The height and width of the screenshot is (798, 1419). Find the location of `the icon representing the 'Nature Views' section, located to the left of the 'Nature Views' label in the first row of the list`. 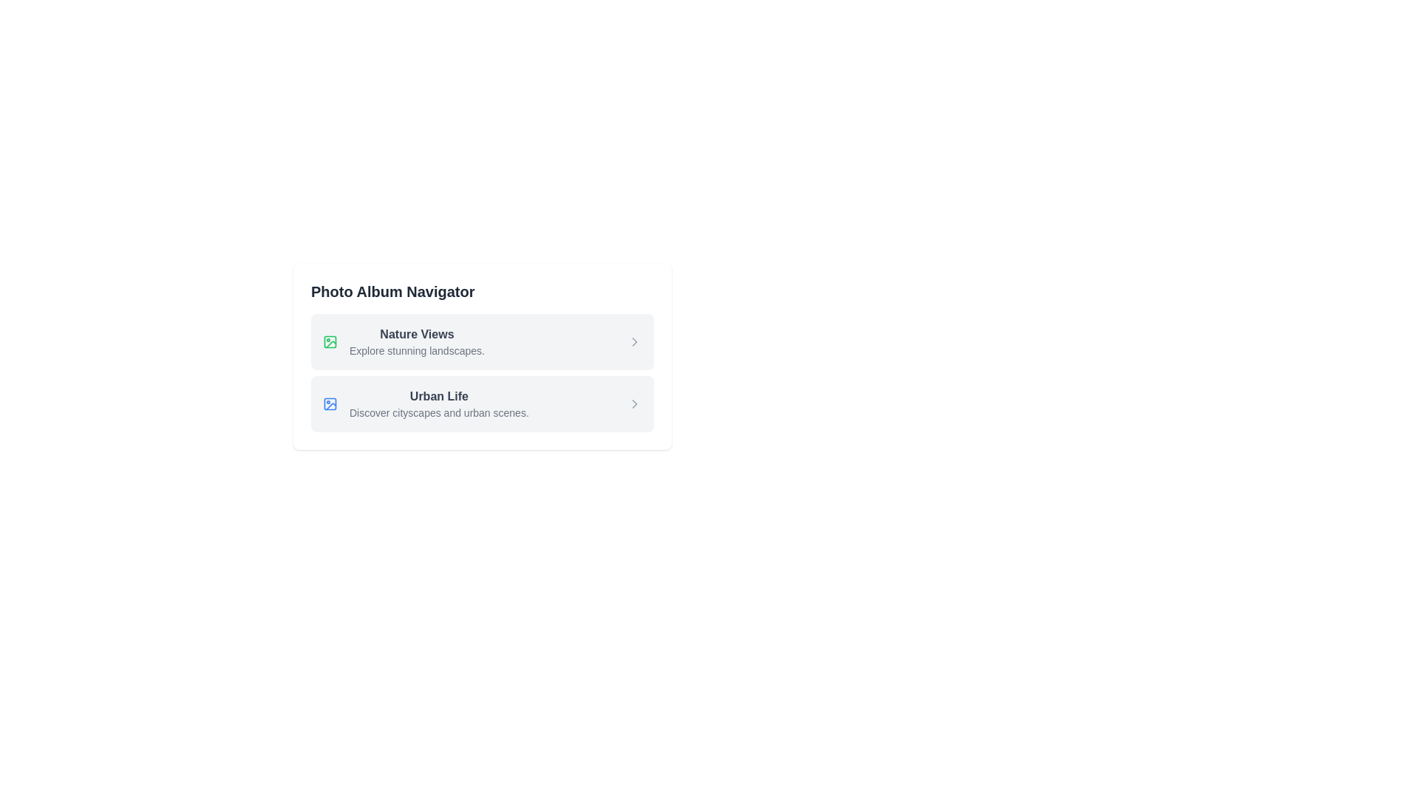

the icon representing the 'Nature Views' section, located to the left of the 'Nature Views' label in the first row of the list is located at coordinates (329, 341).